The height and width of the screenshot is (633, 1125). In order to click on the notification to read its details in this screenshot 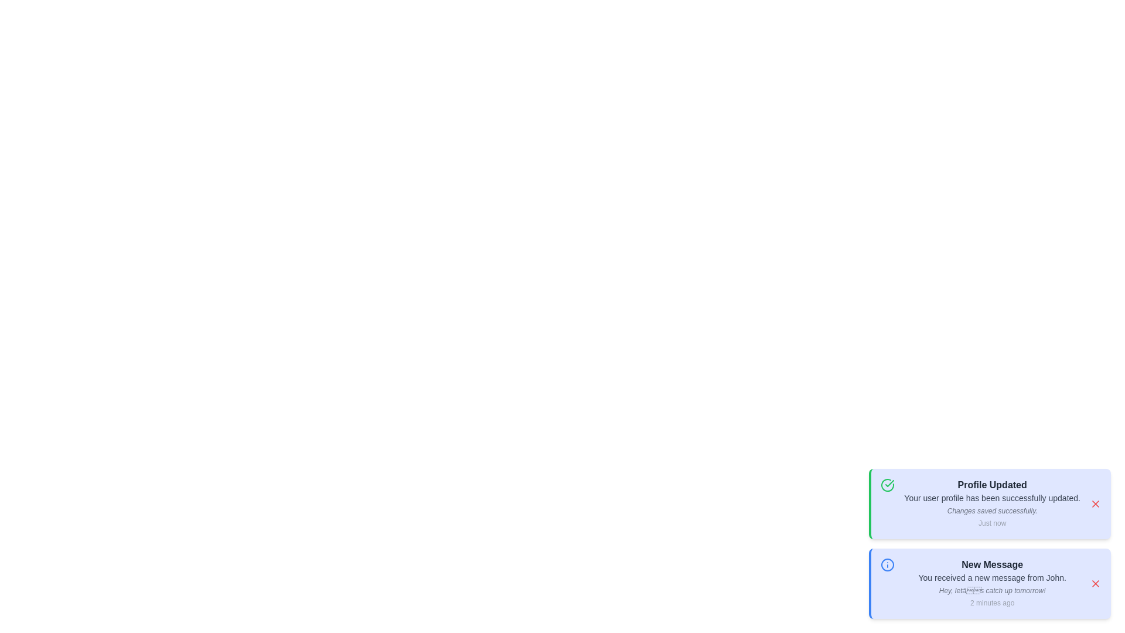, I will do `click(989, 503)`.